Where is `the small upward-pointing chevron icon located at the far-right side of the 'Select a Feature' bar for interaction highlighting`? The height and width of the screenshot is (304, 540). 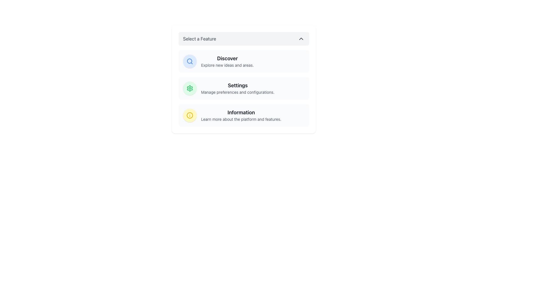
the small upward-pointing chevron icon located at the far-right side of the 'Select a Feature' bar for interaction highlighting is located at coordinates (301, 39).